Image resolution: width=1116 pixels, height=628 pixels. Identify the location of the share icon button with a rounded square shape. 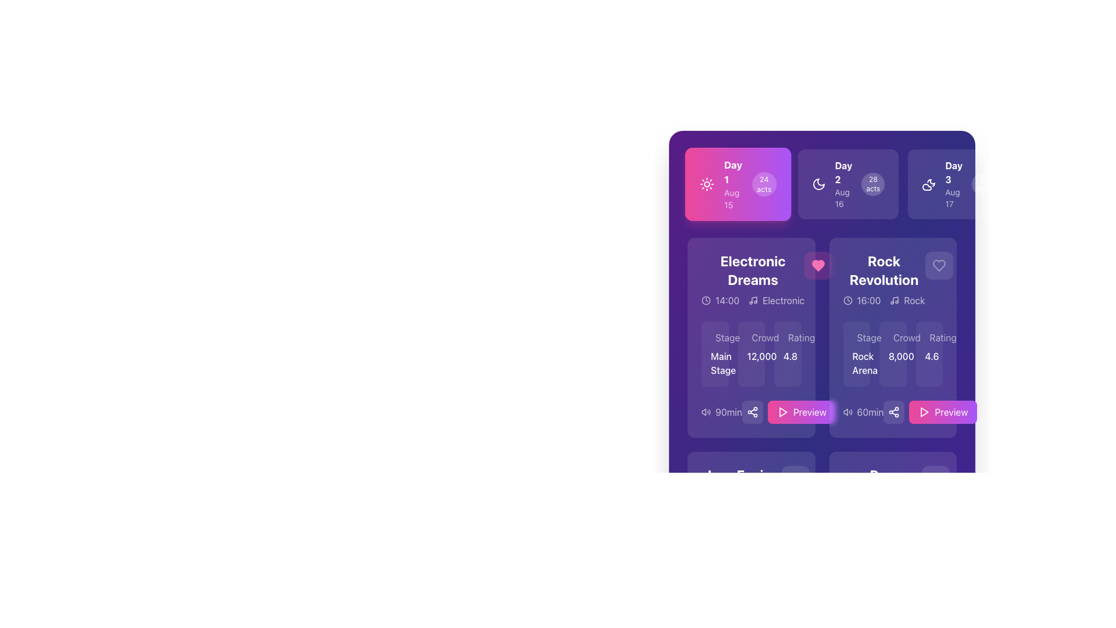
(893, 412).